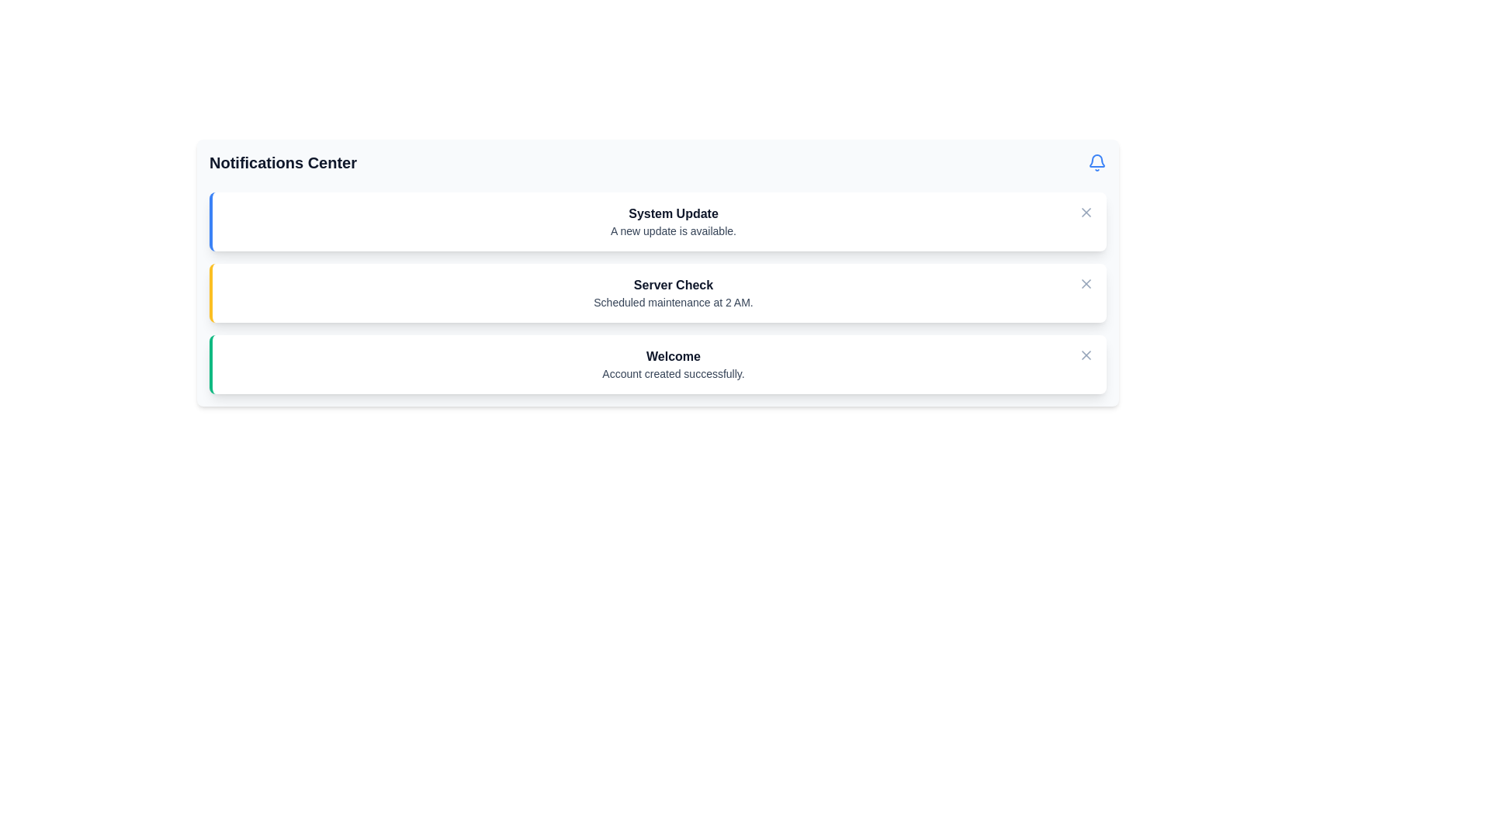 The width and height of the screenshot is (1490, 838). What do you see at coordinates (674, 230) in the screenshot?
I see `the Text Label that notifies the user about an available system update, located on the second row of the notification list below the 'System Update' header` at bounding box center [674, 230].